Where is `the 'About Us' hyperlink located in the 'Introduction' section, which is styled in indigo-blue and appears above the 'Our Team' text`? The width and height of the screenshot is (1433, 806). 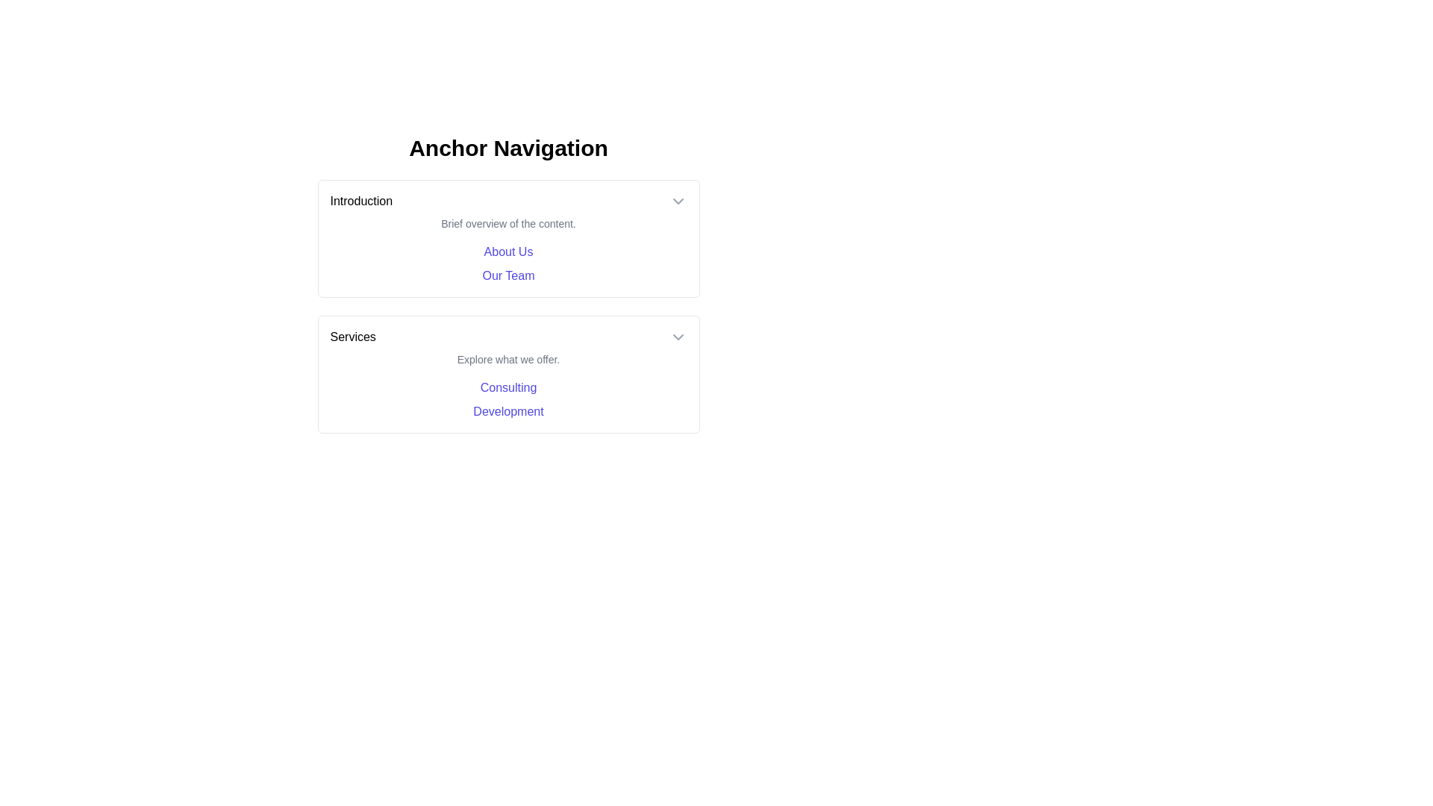
the 'About Us' hyperlink located in the 'Introduction' section, which is styled in indigo-blue and appears above the 'Our Team' text is located at coordinates (508, 252).